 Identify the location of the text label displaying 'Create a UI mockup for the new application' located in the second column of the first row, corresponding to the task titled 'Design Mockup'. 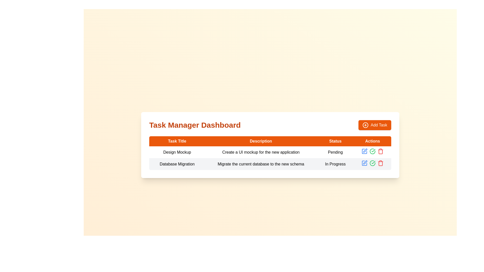
(261, 152).